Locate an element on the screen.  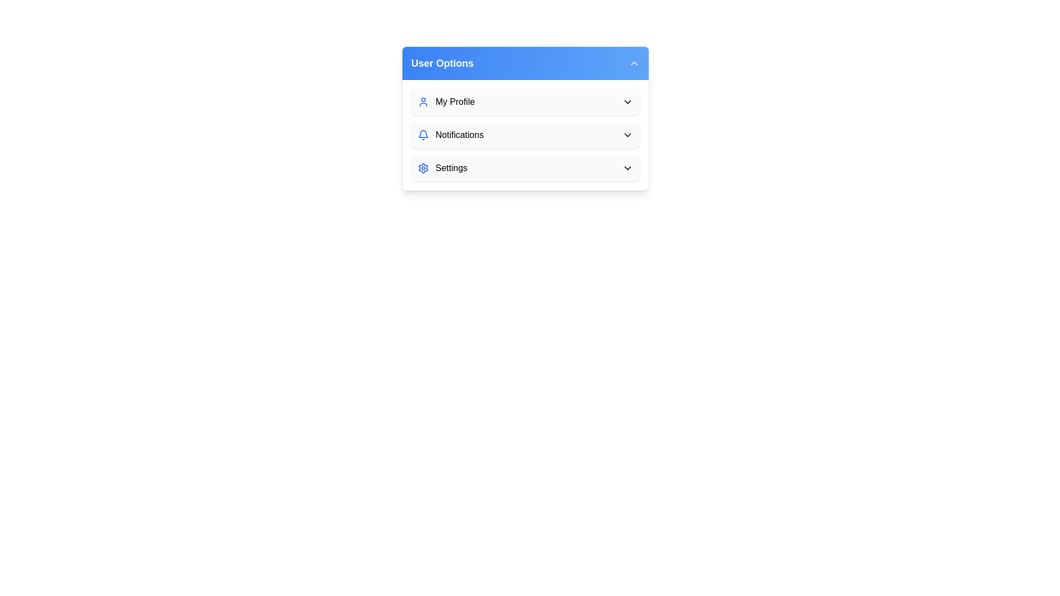
the notifications icon, which visually represents the notifications option in the user interface and is positioned at the leftmost part of the Notifications section is located at coordinates (423, 135).